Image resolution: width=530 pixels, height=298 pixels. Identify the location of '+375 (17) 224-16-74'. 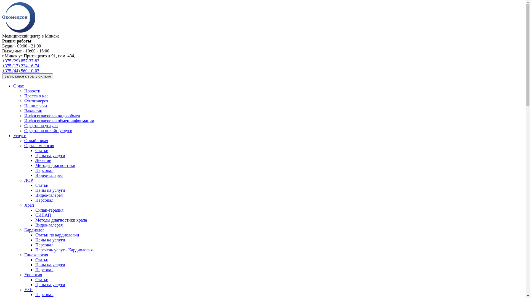
(2, 65).